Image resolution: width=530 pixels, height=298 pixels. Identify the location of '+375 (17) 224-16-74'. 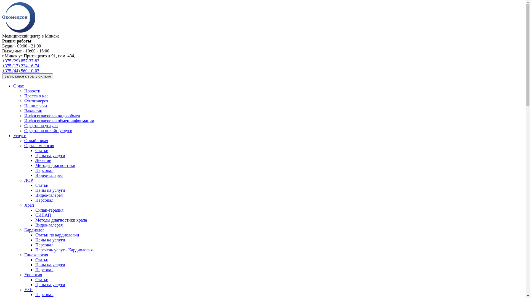
(2, 65).